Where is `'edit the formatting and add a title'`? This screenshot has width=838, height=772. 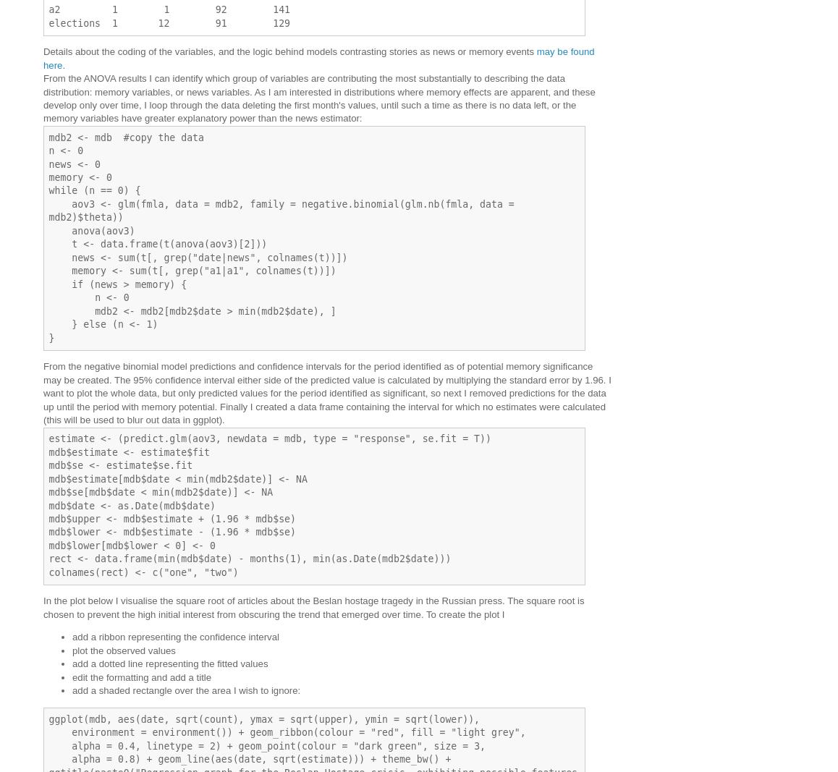 'edit the formatting and add a title' is located at coordinates (142, 676).